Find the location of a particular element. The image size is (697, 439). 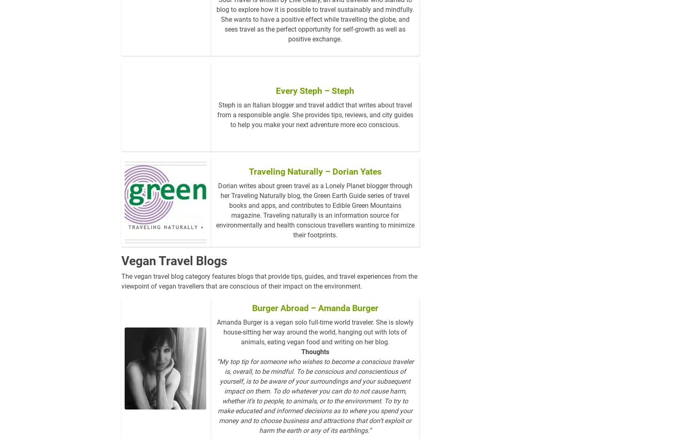

'Thoughts' is located at coordinates (314, 365).